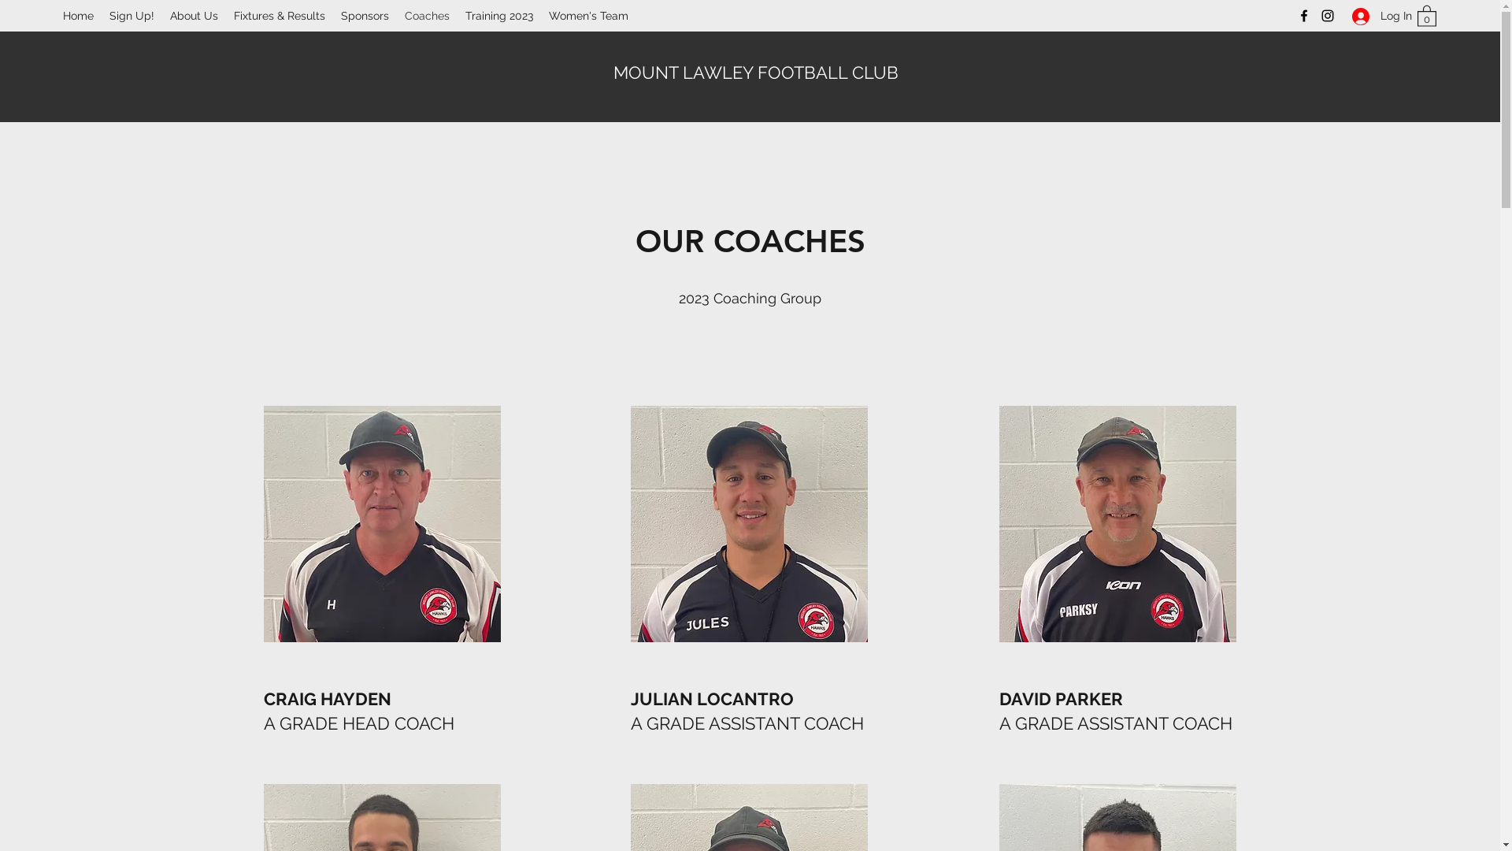 The height and width of the screenshot is (851, 1512). Describe the element at coordinates (587, 15) in the screenshot. I see `'Women's Team'` at that location.